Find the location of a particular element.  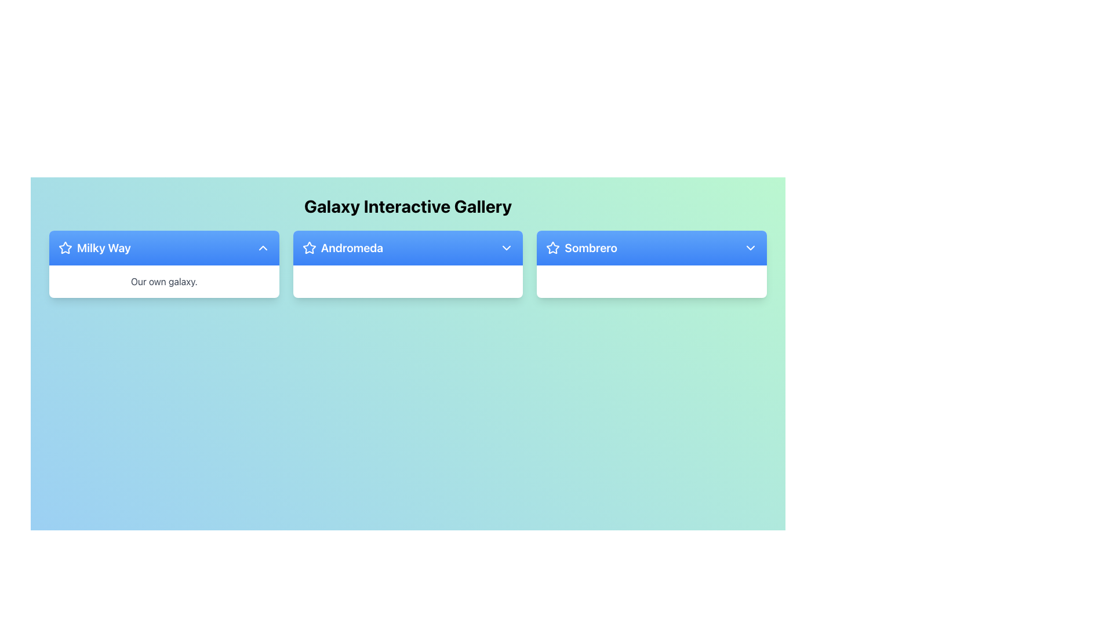

the Text Display containing the text 'Our own galaxy.' styled with a gray font and positioned below the header 'Milky Way' in the leftmost card layout is located at coordinates (163, 282).